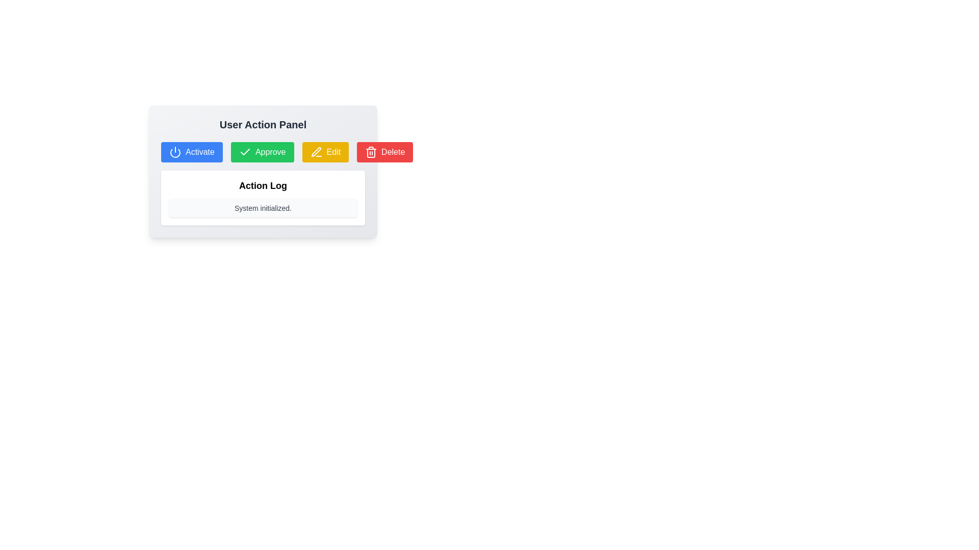  What do you see at coordinates (325, 152) in the screenshot?
I see `the yellow 'Edit' button with a pencil icon to initiate the edit action` at bounding box center [325, 152].